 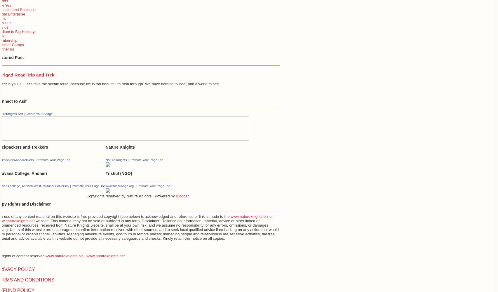 I want to click on '/', so click(x=85, y=256).